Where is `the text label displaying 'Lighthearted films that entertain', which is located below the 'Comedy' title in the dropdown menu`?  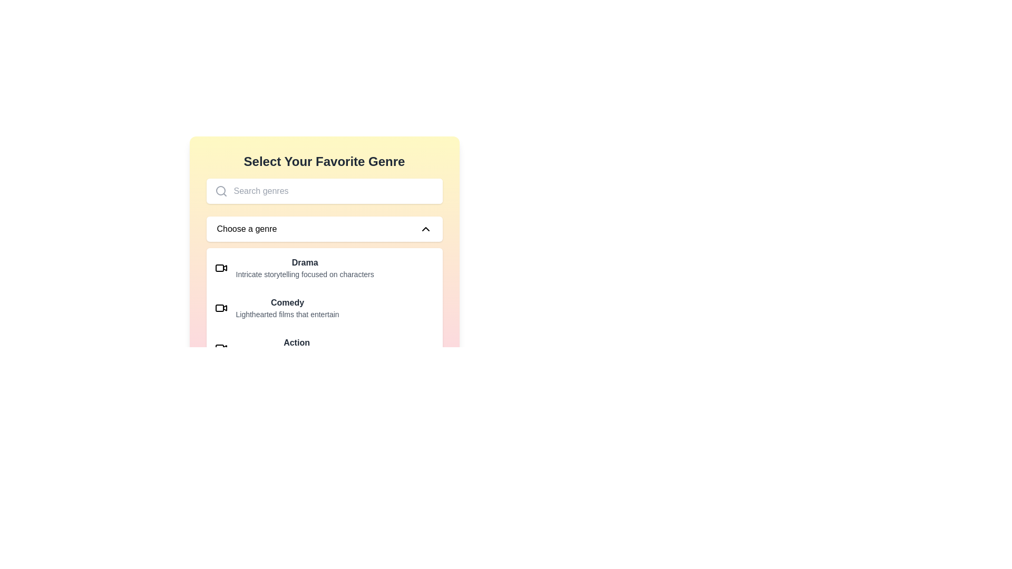
the text label displaying 'Lighthearted films that entertain', which is located below the 'Comedy' title in the dropdown menu is located at coordinates (287, 314).